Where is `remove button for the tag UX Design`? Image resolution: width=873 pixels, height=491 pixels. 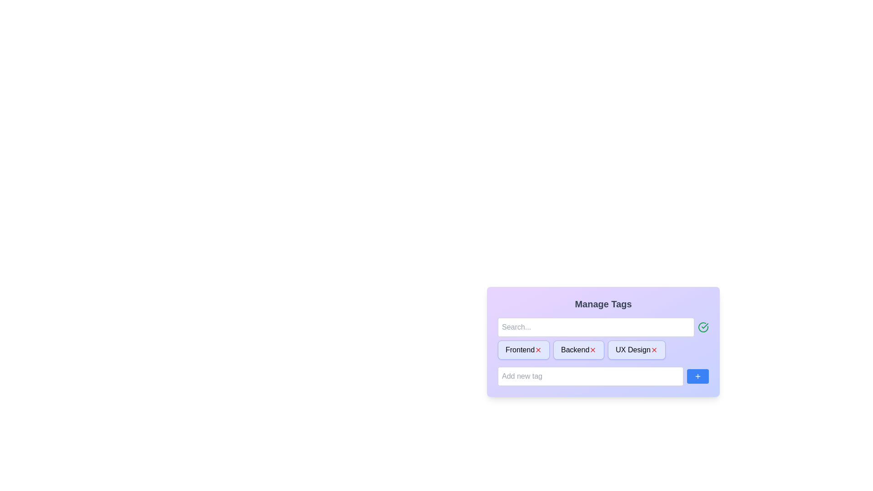
remove button for the tag UX Design is located at coordinates (653, 350).